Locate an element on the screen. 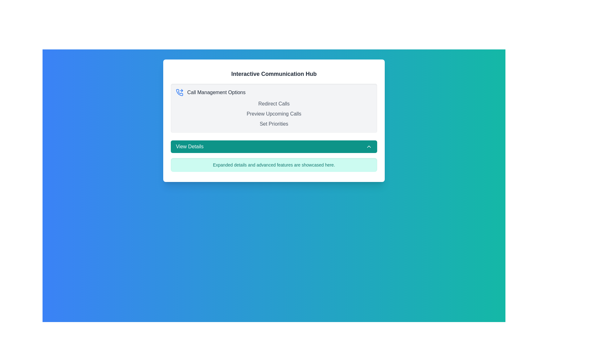 The width and height of the screenshot is (605, 340). the Textblock displaying the text 'Expanded details and advanced features are showcased here.' which is styled with a small font size and teal color, located at the bottom section of the card with a light teal background is located at coordinates (274, 165).